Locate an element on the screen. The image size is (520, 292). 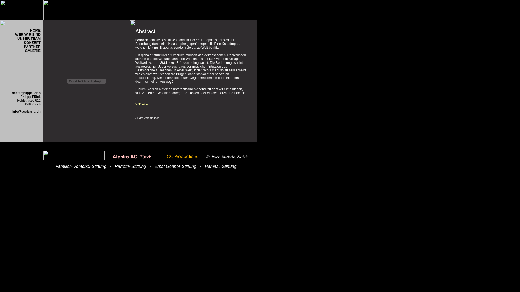
'PARTNER' is located at coordinates (32, 46).